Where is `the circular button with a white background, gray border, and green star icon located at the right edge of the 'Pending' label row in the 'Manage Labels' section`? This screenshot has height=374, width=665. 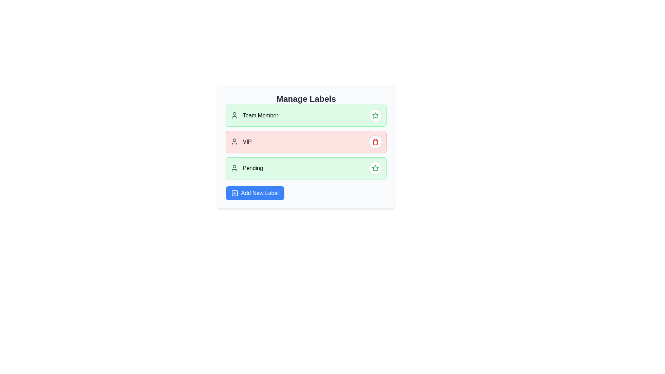 the circular button with a white background, gray border, and green star icon located at the right edge of the 'Pending' label row in the 'Manage Labels' section is located at coordinates (375, 168).